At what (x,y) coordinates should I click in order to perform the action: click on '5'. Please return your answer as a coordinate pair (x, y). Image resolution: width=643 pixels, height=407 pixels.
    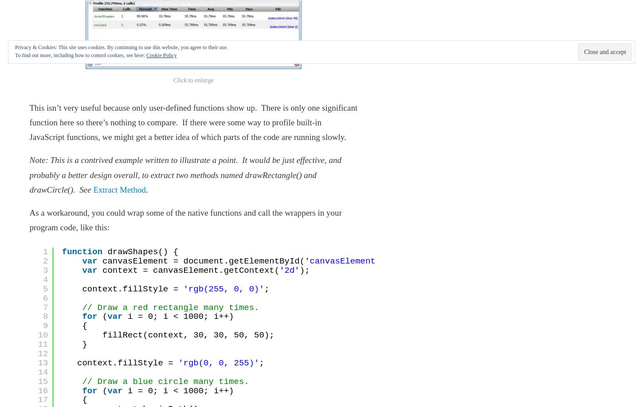
    Looking at the image, I should click on (45, 288).